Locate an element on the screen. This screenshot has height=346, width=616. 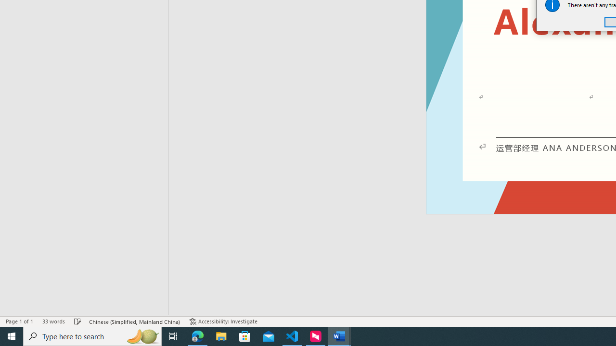
'Language Chinese (Simplified, Mainland China)' is located at coordinates (134, 321).